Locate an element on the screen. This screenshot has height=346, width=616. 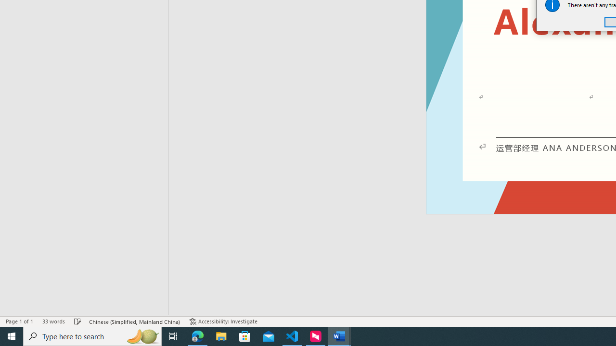
'Language Chinese (Simplified, Mainland China)' is located at coordinates (134, 321).